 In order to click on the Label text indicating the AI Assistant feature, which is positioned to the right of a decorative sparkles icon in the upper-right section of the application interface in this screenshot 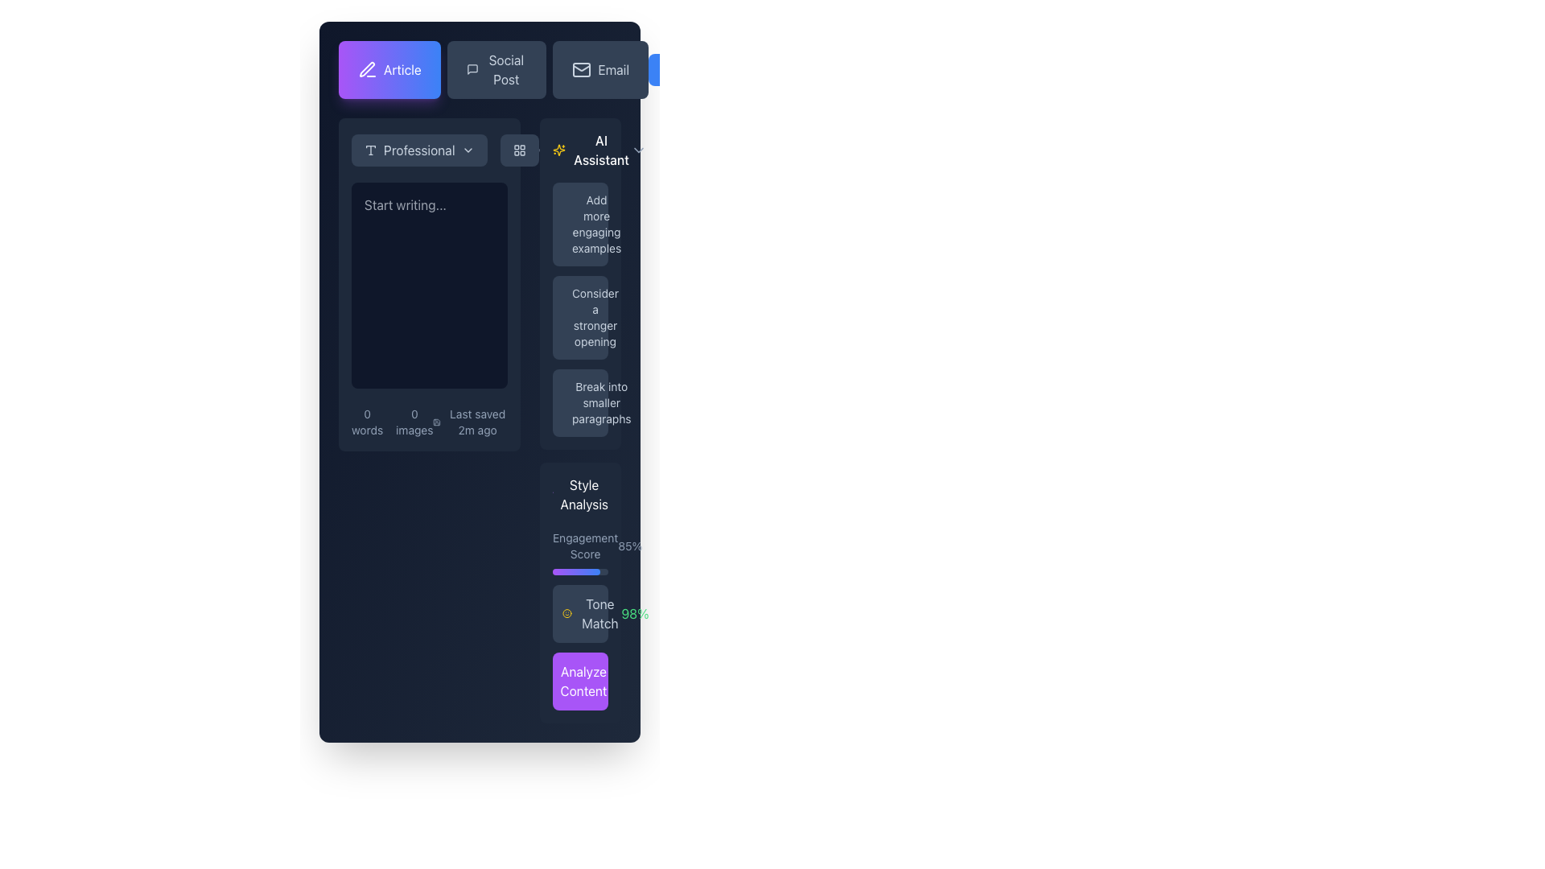, I will do `click(600, 150)`.